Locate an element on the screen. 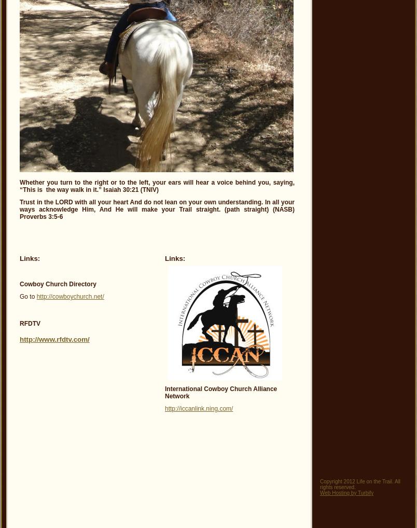  'RFDTV' is located at coordinates (29, 323).